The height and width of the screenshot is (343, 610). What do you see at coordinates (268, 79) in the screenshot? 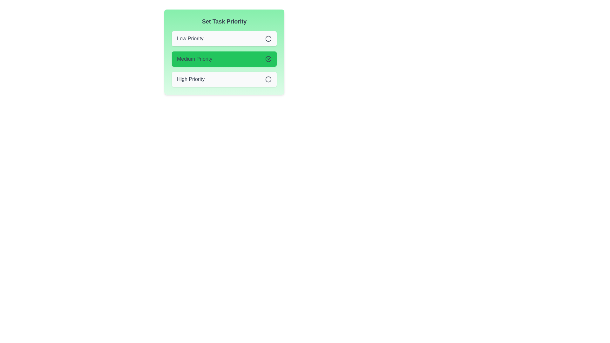
I see `the icon representing the 'High Priority' option in the task priority selector` at bounding box center [268, 79].